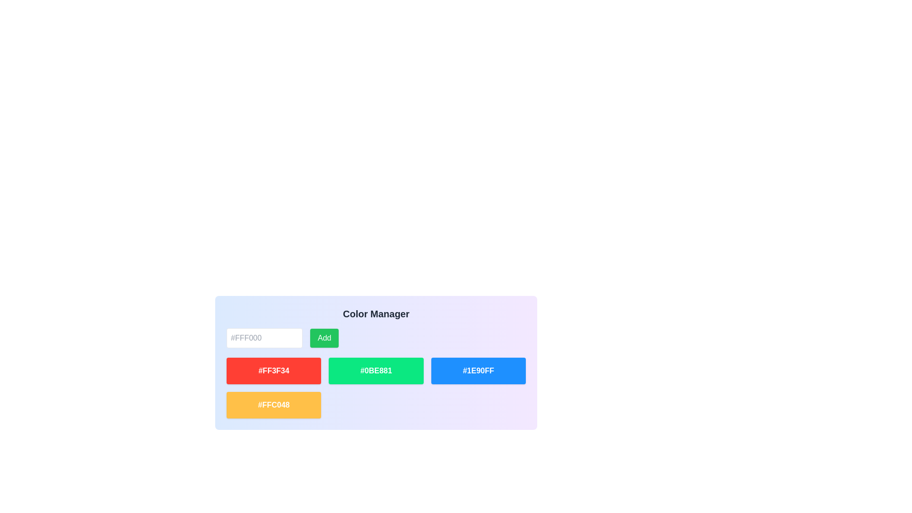 The image size is (912, 513). I want to click on the Color Swatch Block that visually represents the color with hex code '#FFC048', positioned as the bottom-left block in the grid layout of the Color Manager, so click(273, 405).